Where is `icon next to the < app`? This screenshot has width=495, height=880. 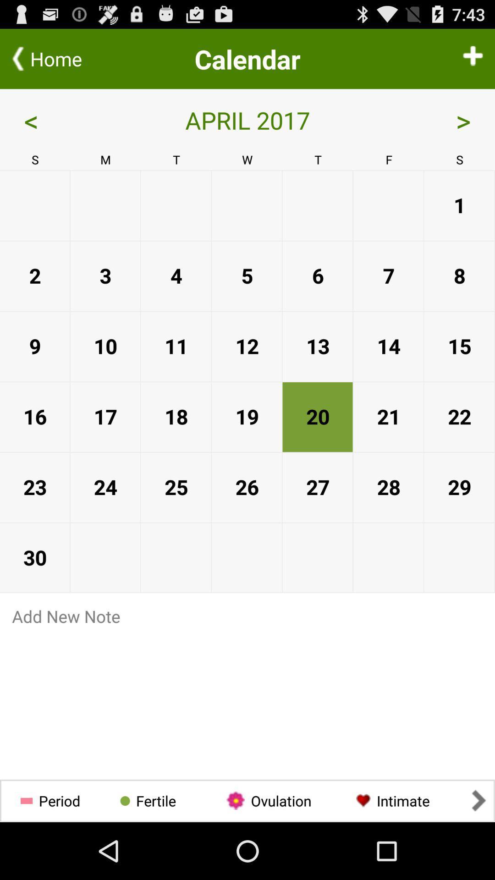 icon next to the < app is located at coordinates (473, 58).